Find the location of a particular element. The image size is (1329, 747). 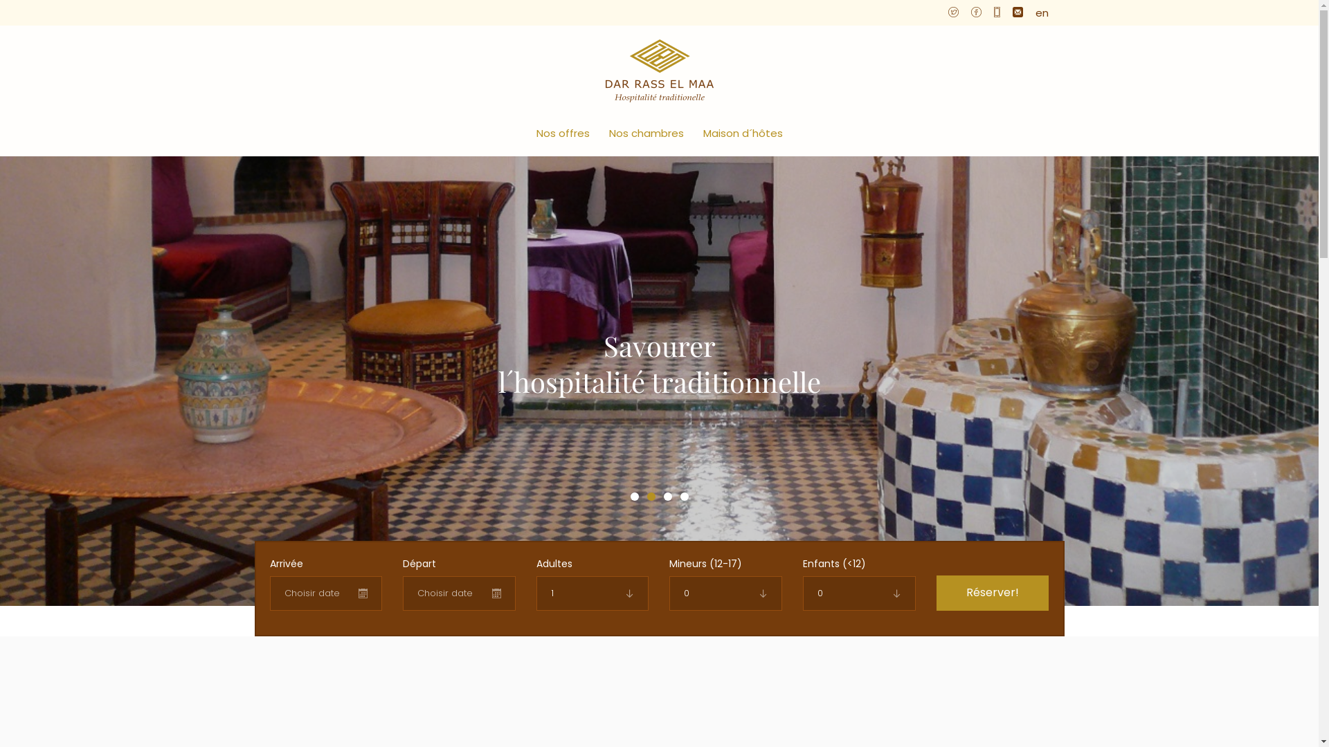

'info@chefchaouen.ch' is located at coordinates (1007, 12).